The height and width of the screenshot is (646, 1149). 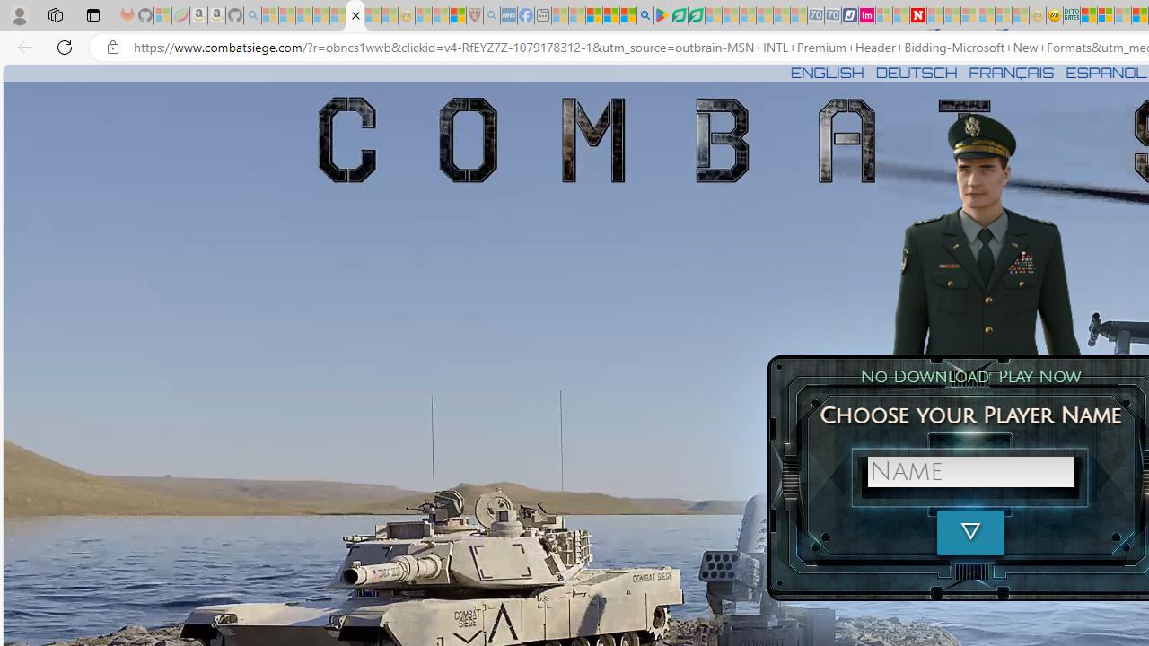 I want to click on 'DITOGAMES AG Imprint', so click(x=1072, y=15).